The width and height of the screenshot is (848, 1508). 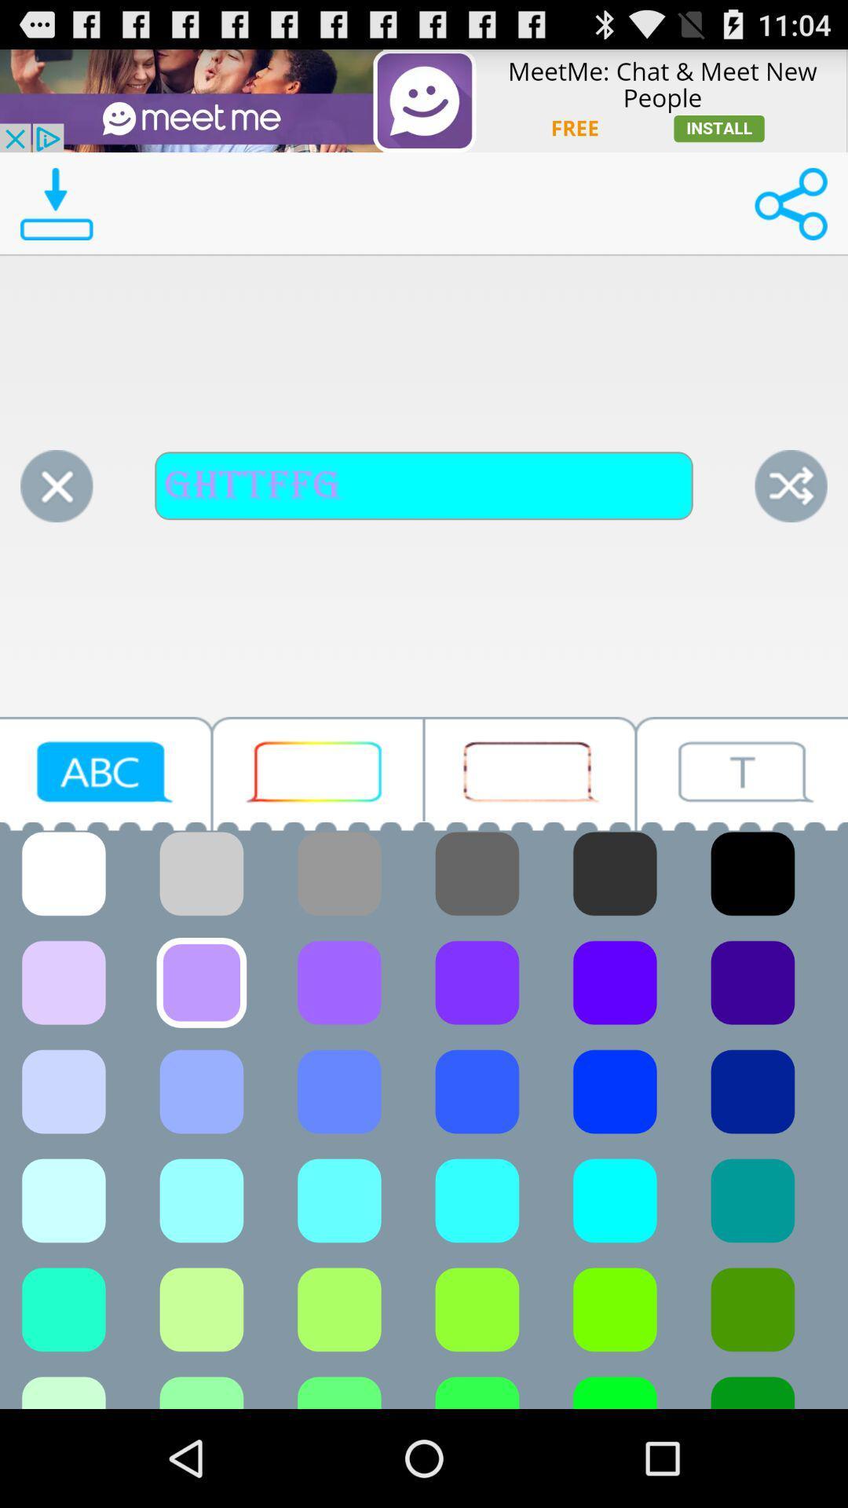 I want to click on text icon, so click(x=742, y=774).